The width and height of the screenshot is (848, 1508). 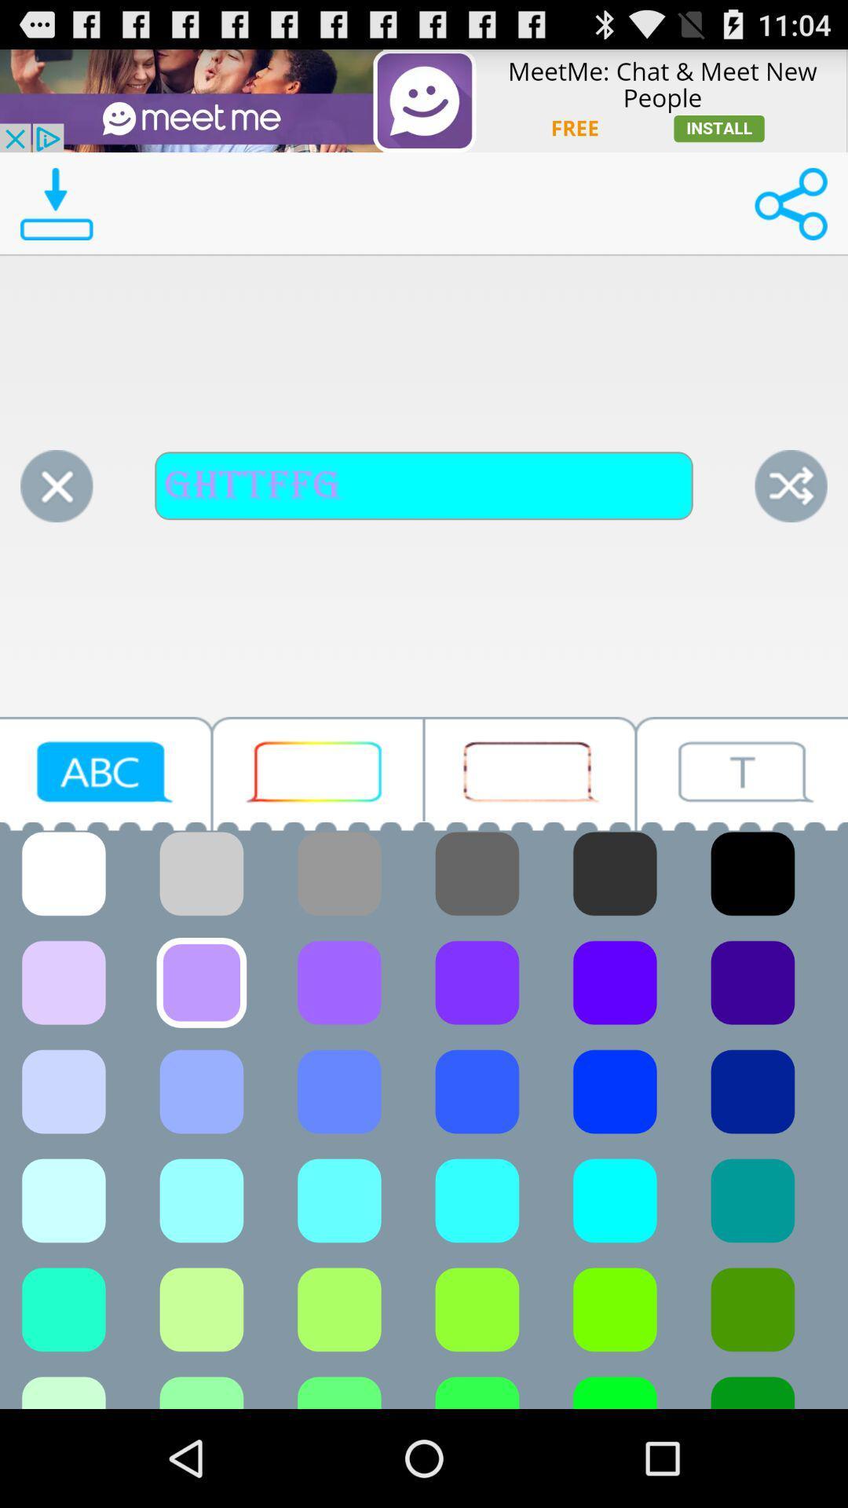 I want to click on text icon, so click(x=742, y=774).